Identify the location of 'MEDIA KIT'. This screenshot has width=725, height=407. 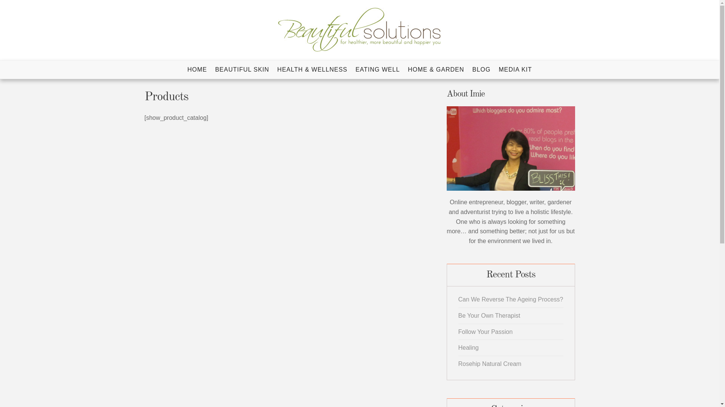
(496, 70).